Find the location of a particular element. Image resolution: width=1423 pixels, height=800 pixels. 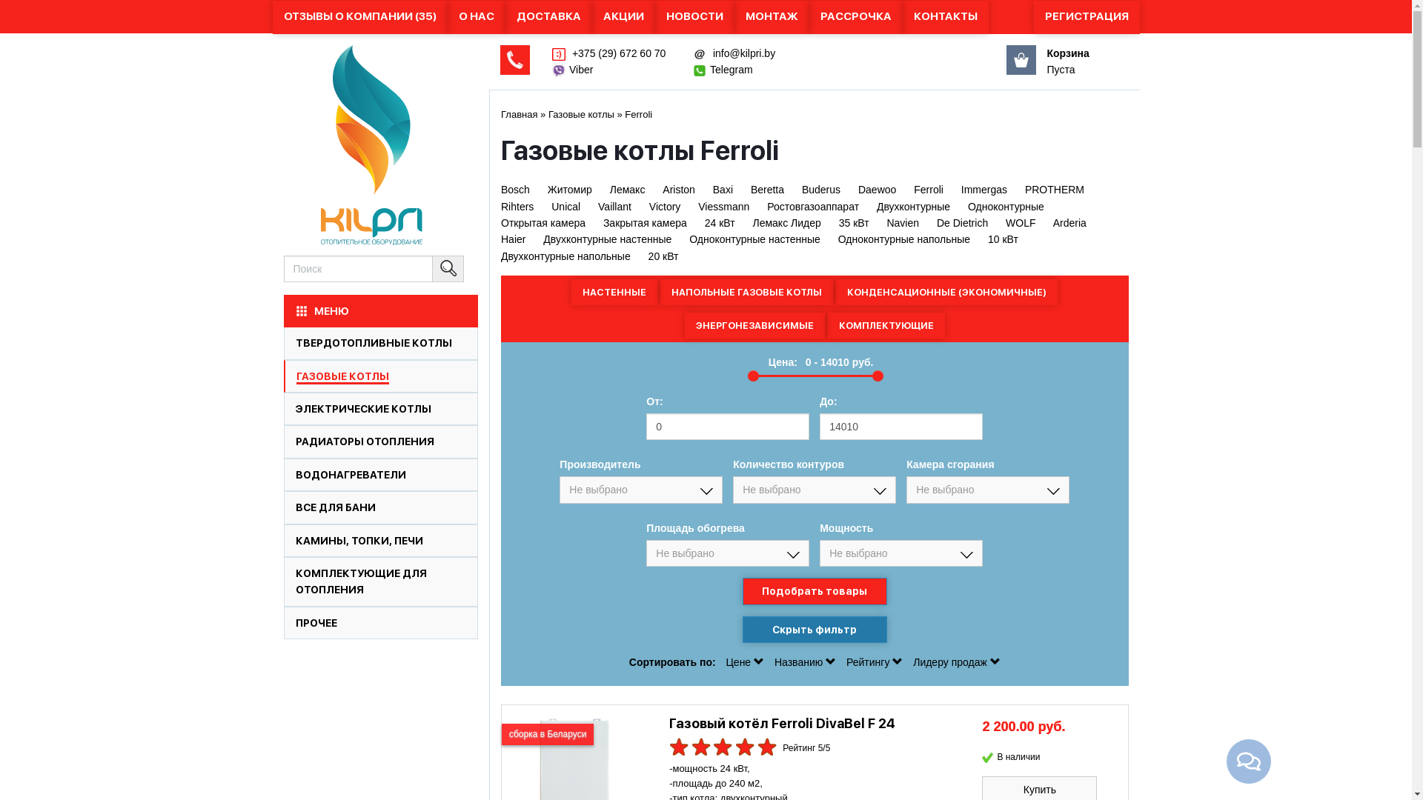

'Unical' is located at coordinates (565, 206).